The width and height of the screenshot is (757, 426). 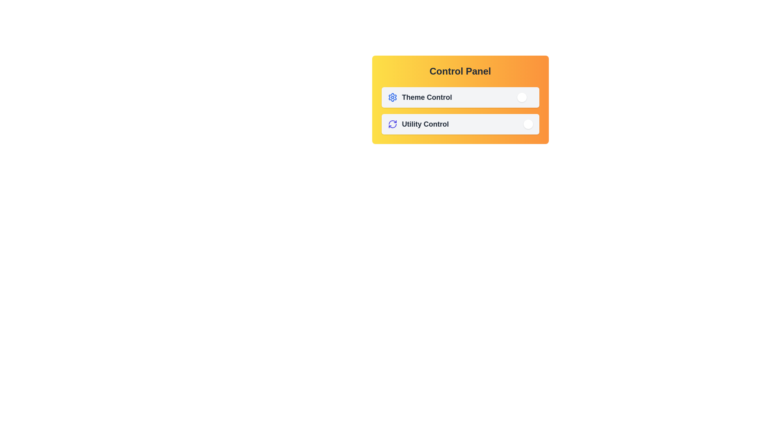 What do you see at coordinates (418, 124) in the screenshot?
I see `text label indicating the 'Utility Control' feature, which is located in the second row of the control panel to the left of the toggle switch` at bounding box center [418, 124].